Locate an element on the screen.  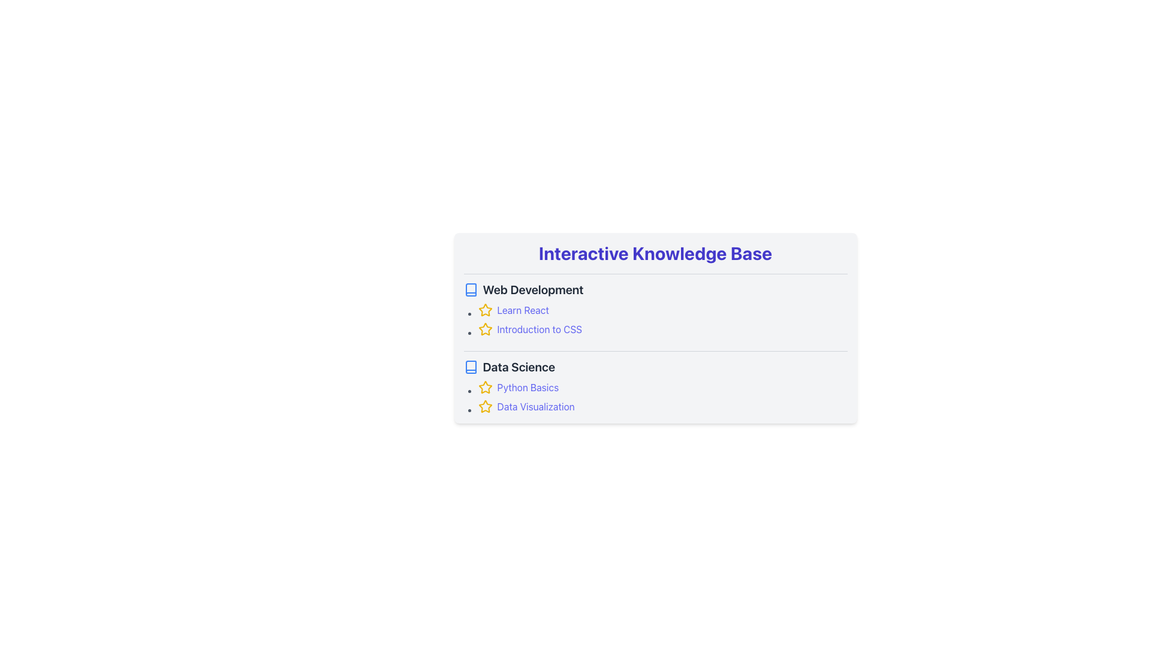
the decorative icon located to the left of the text 'Learn React' in the 'Web Development' category is located at coordinates (485, 387).